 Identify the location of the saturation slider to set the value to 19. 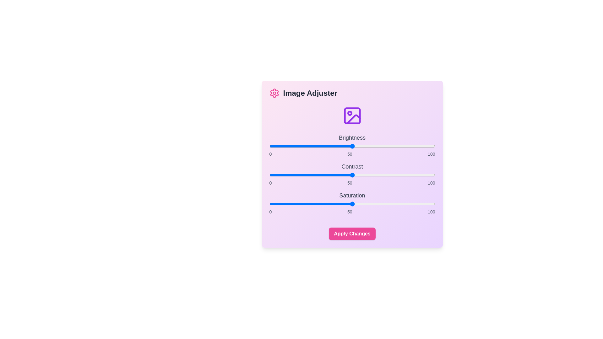
(300, 204).